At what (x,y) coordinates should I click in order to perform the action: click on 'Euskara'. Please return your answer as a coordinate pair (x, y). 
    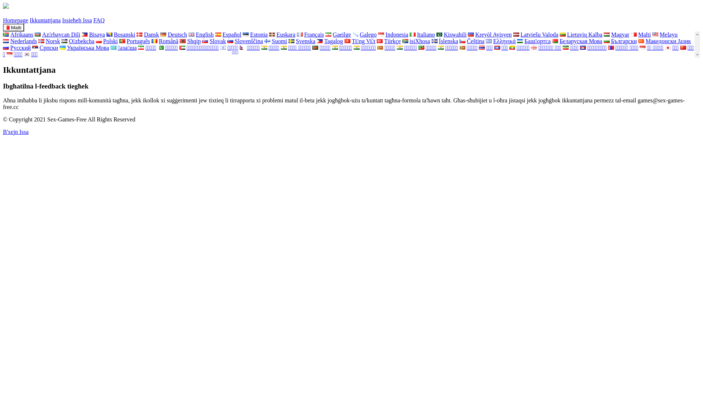
    Looking at the image, I should click on (282, 34).